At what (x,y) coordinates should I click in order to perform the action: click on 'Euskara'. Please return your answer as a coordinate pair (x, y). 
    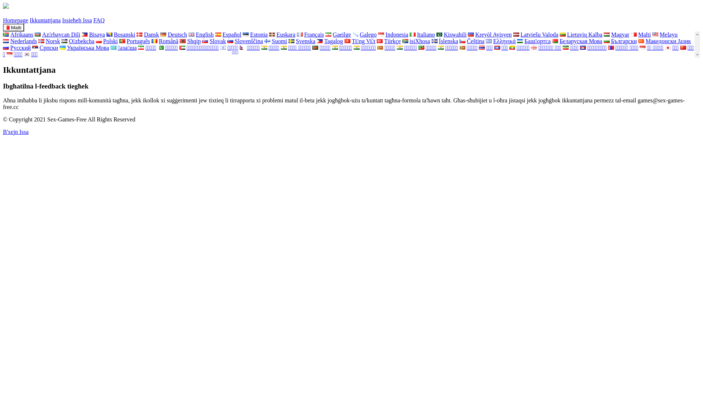
    Looking at the image, I should click on (282, 34).